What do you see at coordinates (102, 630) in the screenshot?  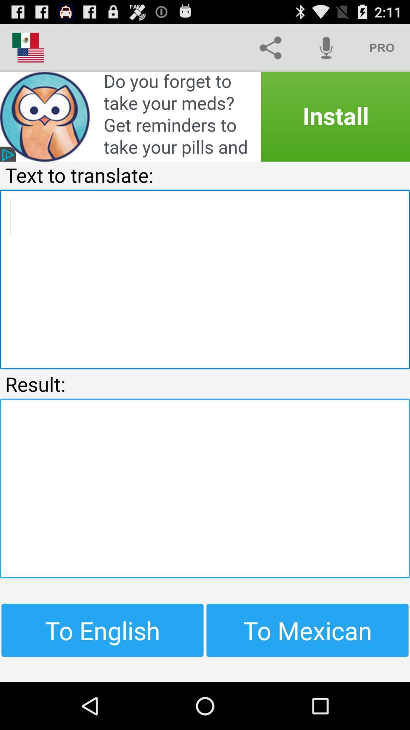 I see `the item next to to mexican` at bounding box center [102, 630].